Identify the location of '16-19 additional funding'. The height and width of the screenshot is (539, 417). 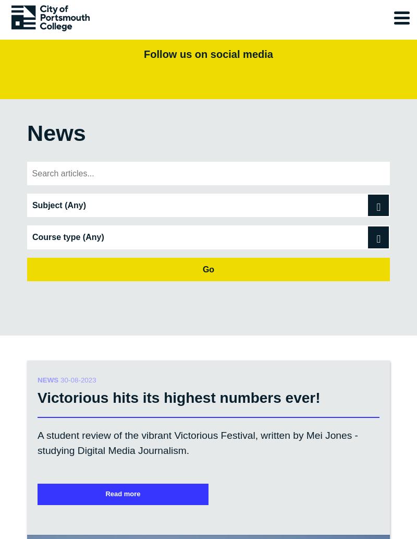
(79, 372).